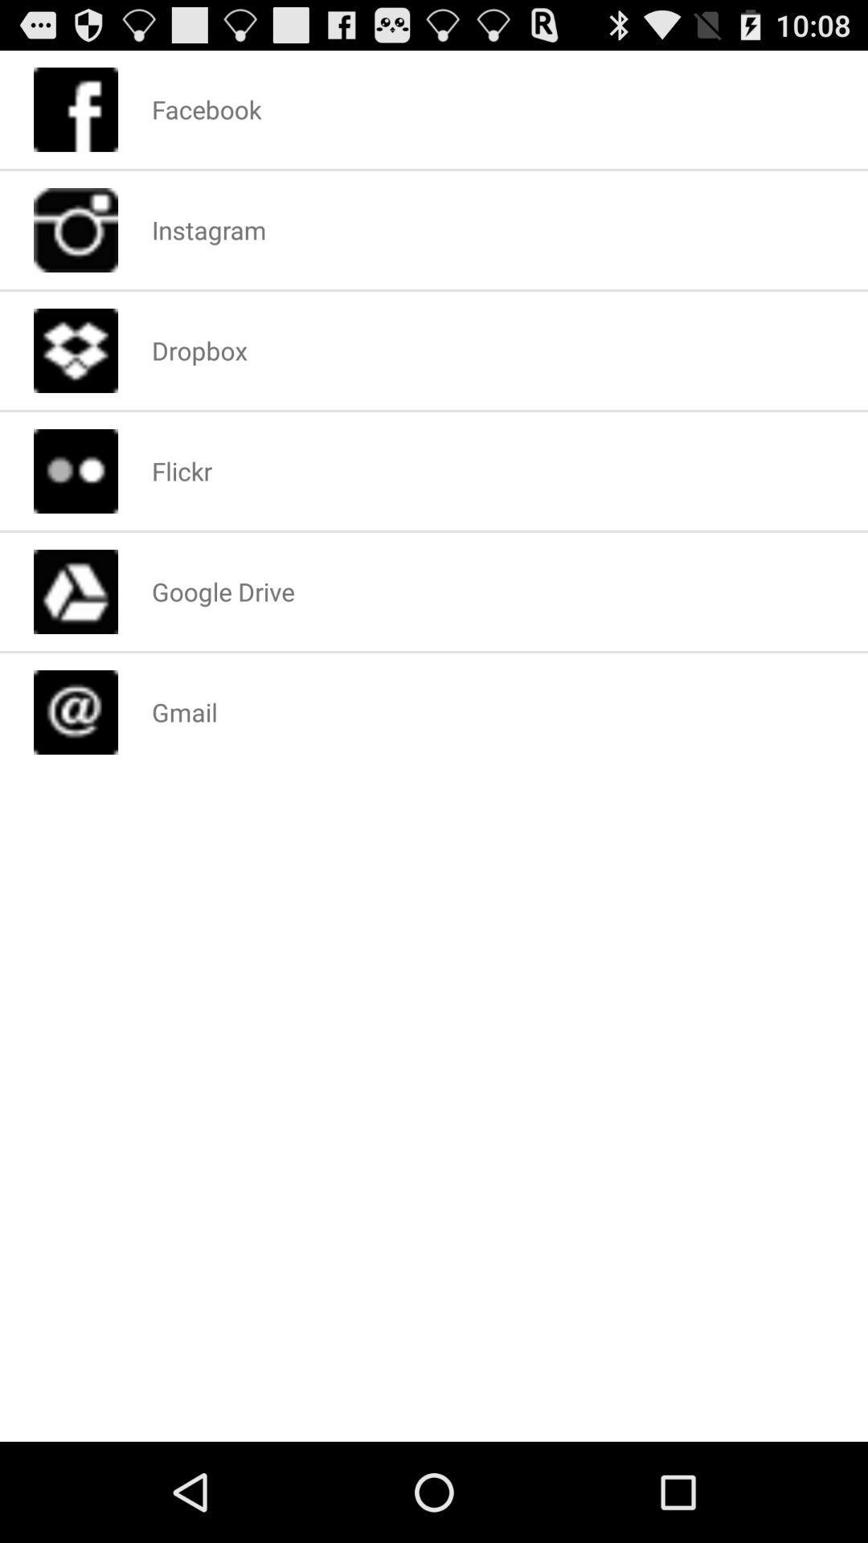 This screenshot has height=1543, width=868. I want to click on the instagram item, so click(208, 229).